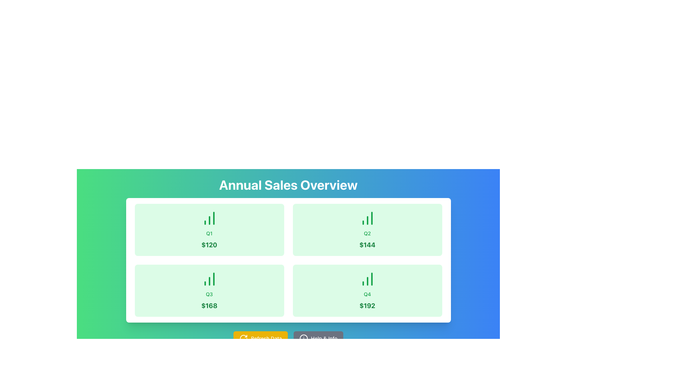 This screenshot has height=391, width=696. Describe the element at coordinates (209, 294) in the screenshot. I see `the static text label displaying 'Q3', which is styled in small-sized, medium-weight green font and located in the second card of the lower row in a grid layout` at that location.